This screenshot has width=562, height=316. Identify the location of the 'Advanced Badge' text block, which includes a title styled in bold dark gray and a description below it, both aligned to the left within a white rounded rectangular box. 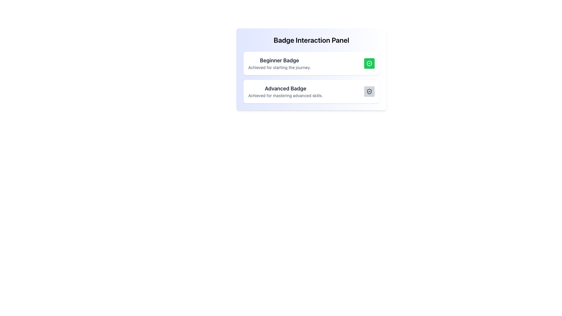
(285, 91).